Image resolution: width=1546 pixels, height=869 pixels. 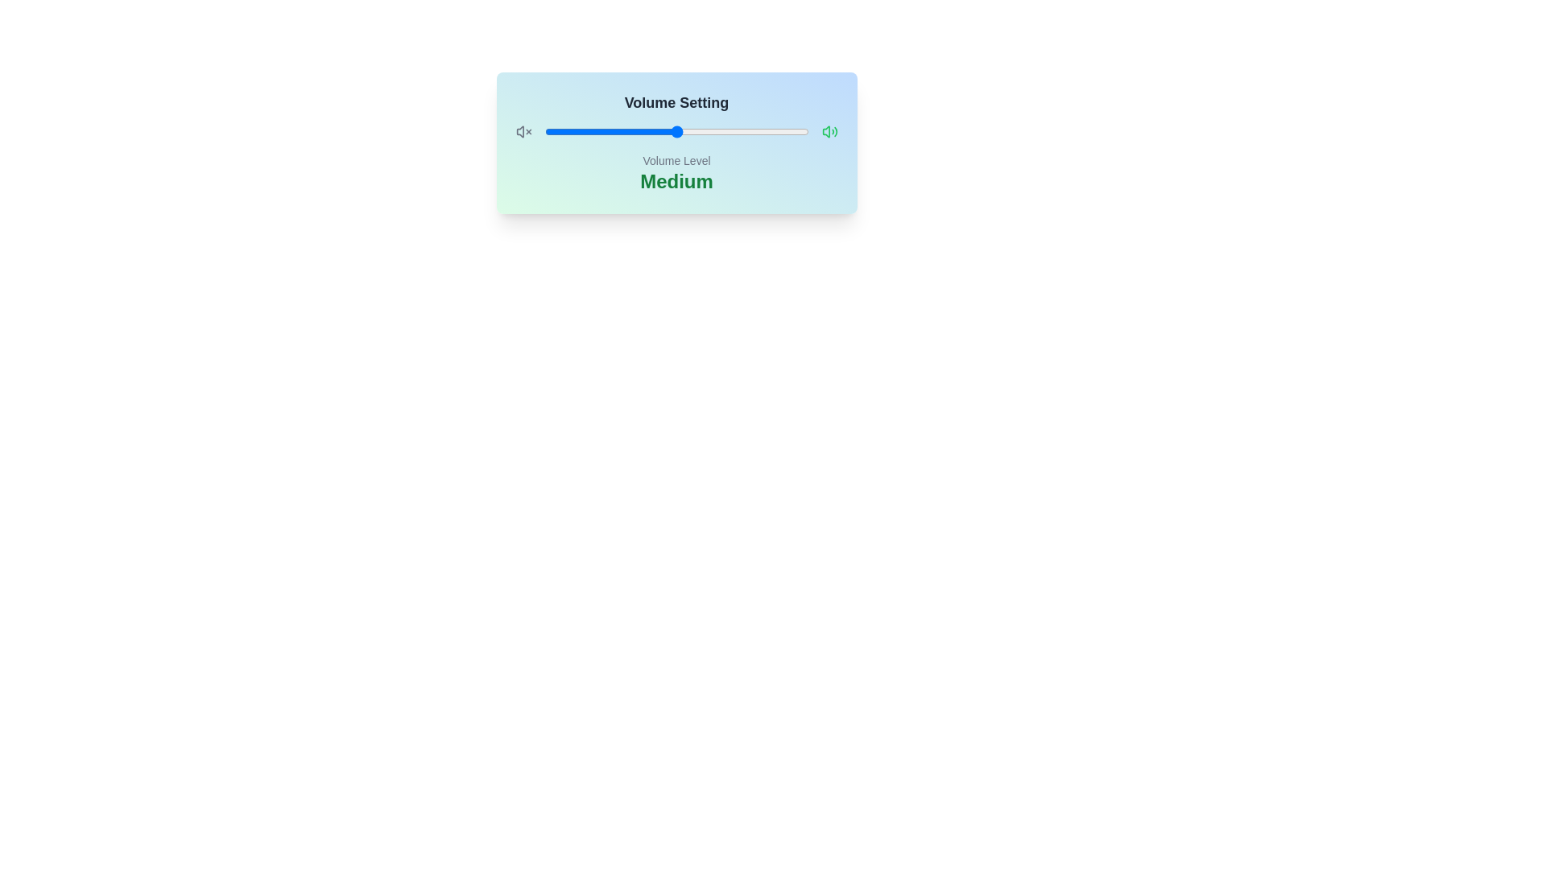 What do you see at coordinates (800, 131) in the screenshot?
I see `the volume slider to 97%` at bounding box center [800, 131].